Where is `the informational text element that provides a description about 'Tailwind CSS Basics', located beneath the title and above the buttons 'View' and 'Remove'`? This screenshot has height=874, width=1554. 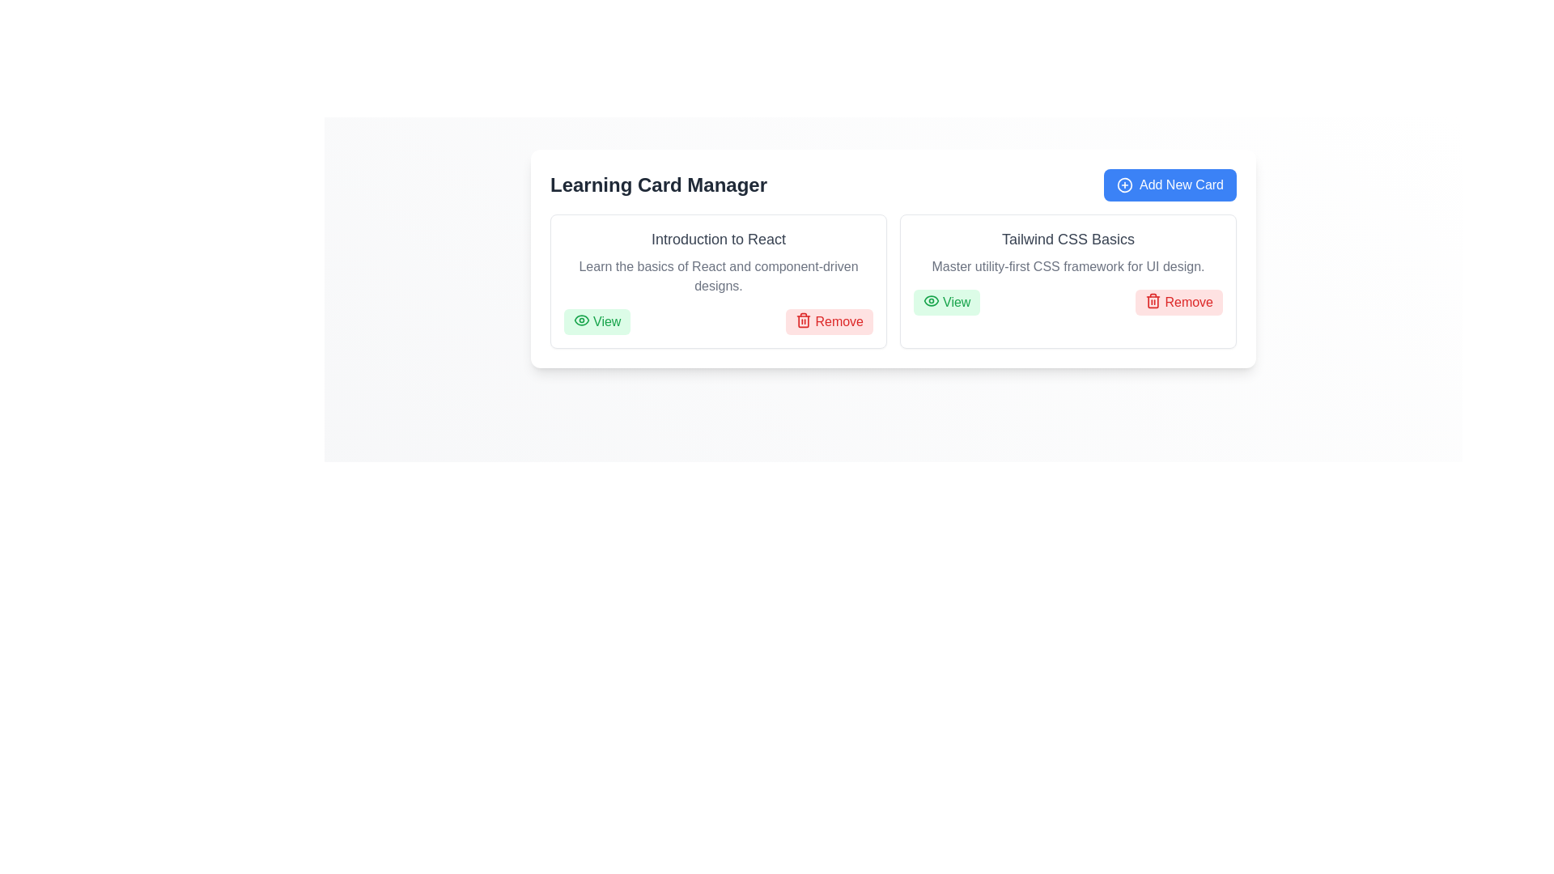 the informational text element that provides a description about 'Tailwind CSS Basics', located beneath the title and above the buttons 'View' and 'Remove' is located at coordinates (1068, 266).